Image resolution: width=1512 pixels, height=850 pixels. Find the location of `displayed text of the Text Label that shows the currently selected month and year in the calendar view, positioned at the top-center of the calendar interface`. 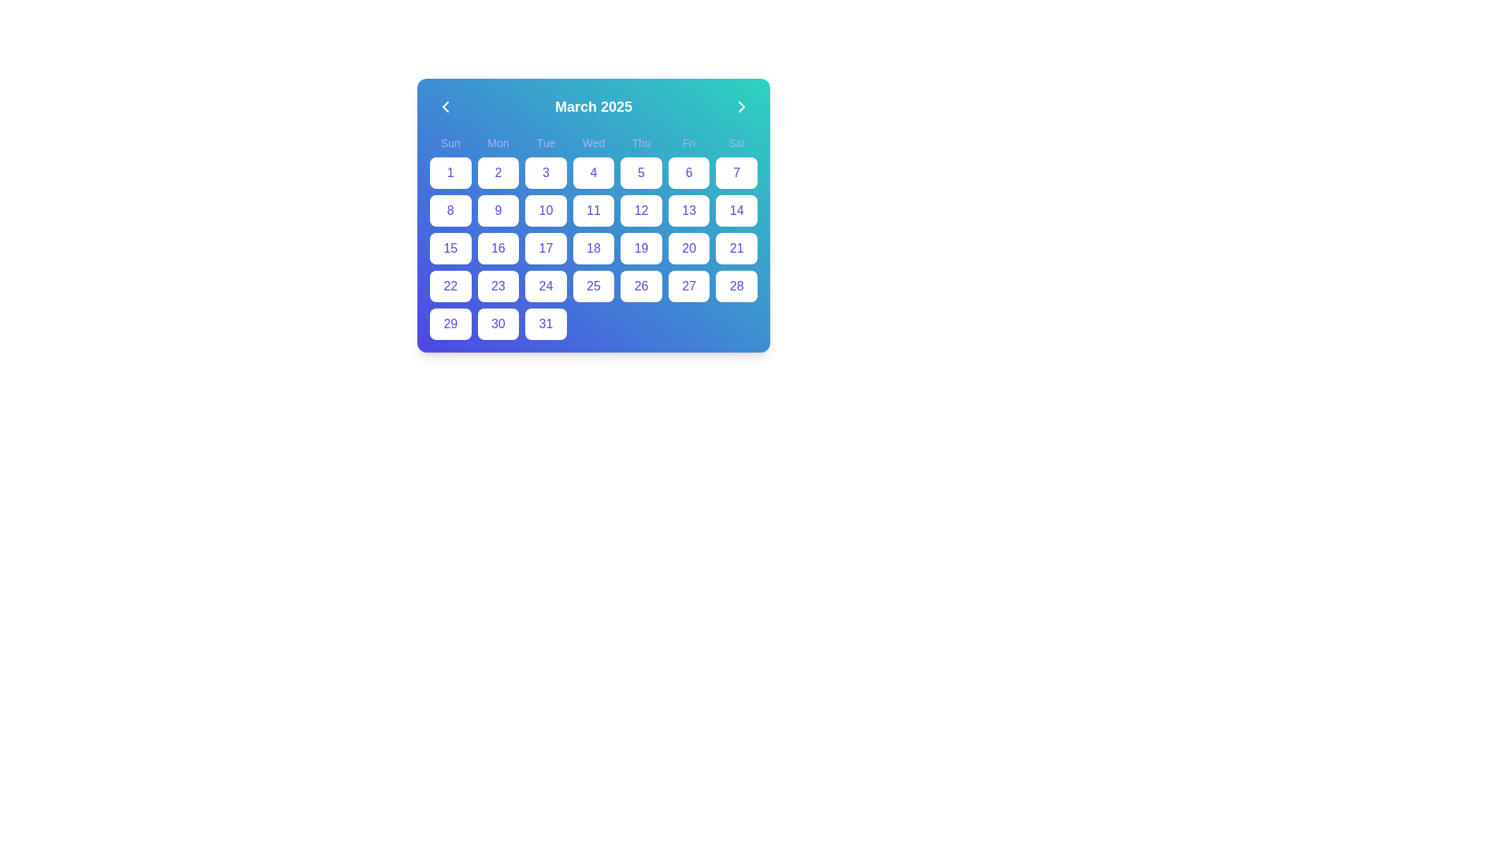

displayed text of the Text Label that shows the currently selected month and year in the calendar view, positioned at the top-center of the calendar interface is located at coordinates (592, 106).